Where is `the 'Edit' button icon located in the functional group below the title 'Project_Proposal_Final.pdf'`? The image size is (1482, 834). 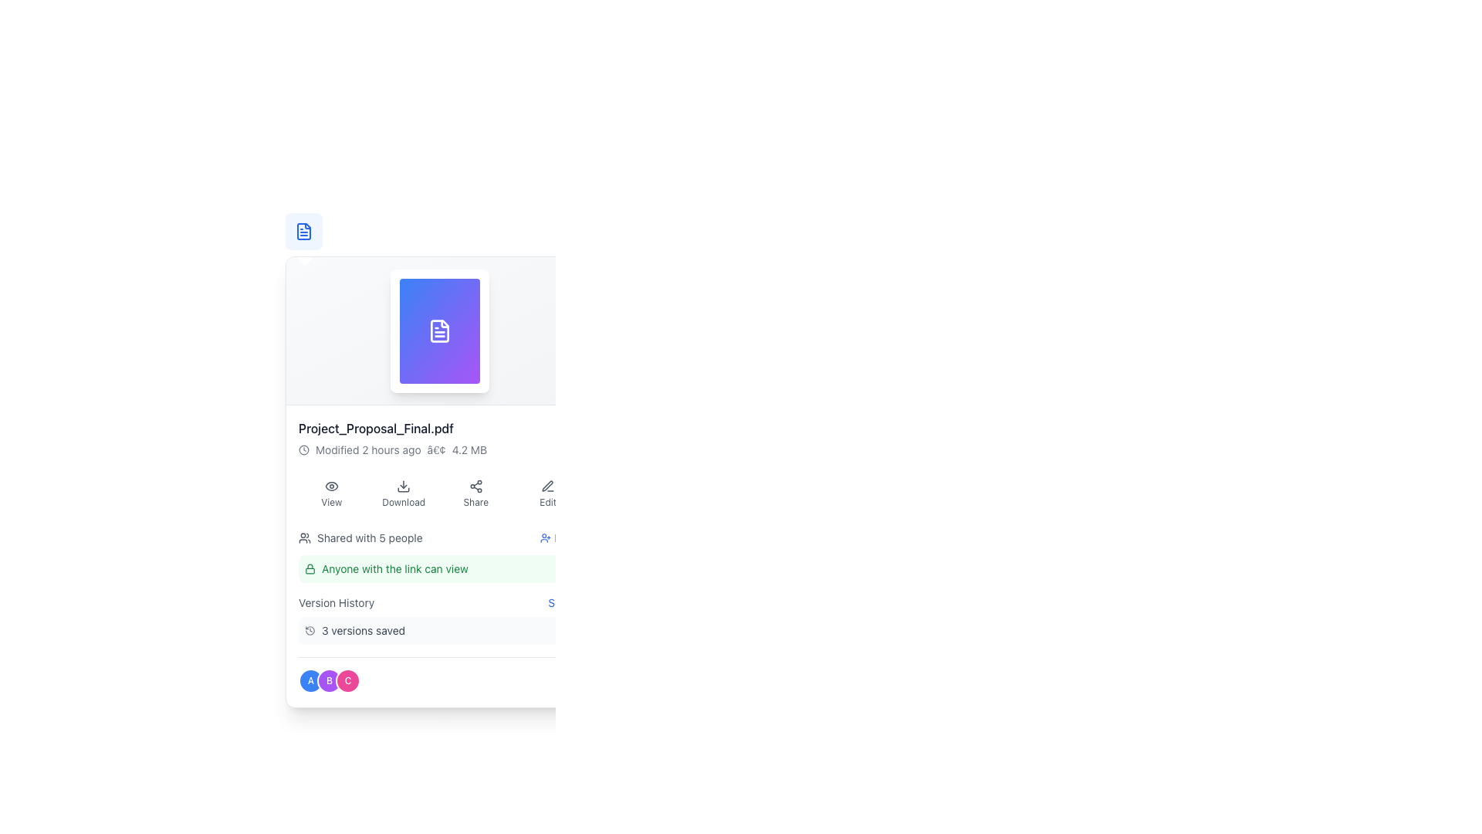 the 'Edit' button icon located in the functional group below the title 'Project_Proposal_Final.pdf' is located at coordinates (548, 485).